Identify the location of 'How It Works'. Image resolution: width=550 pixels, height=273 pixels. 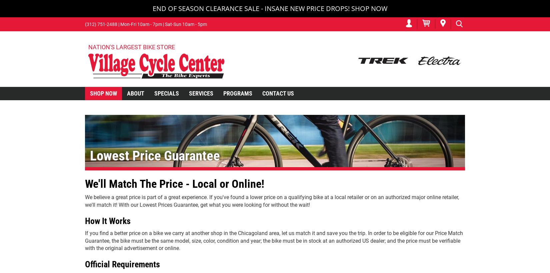
(108, 221).